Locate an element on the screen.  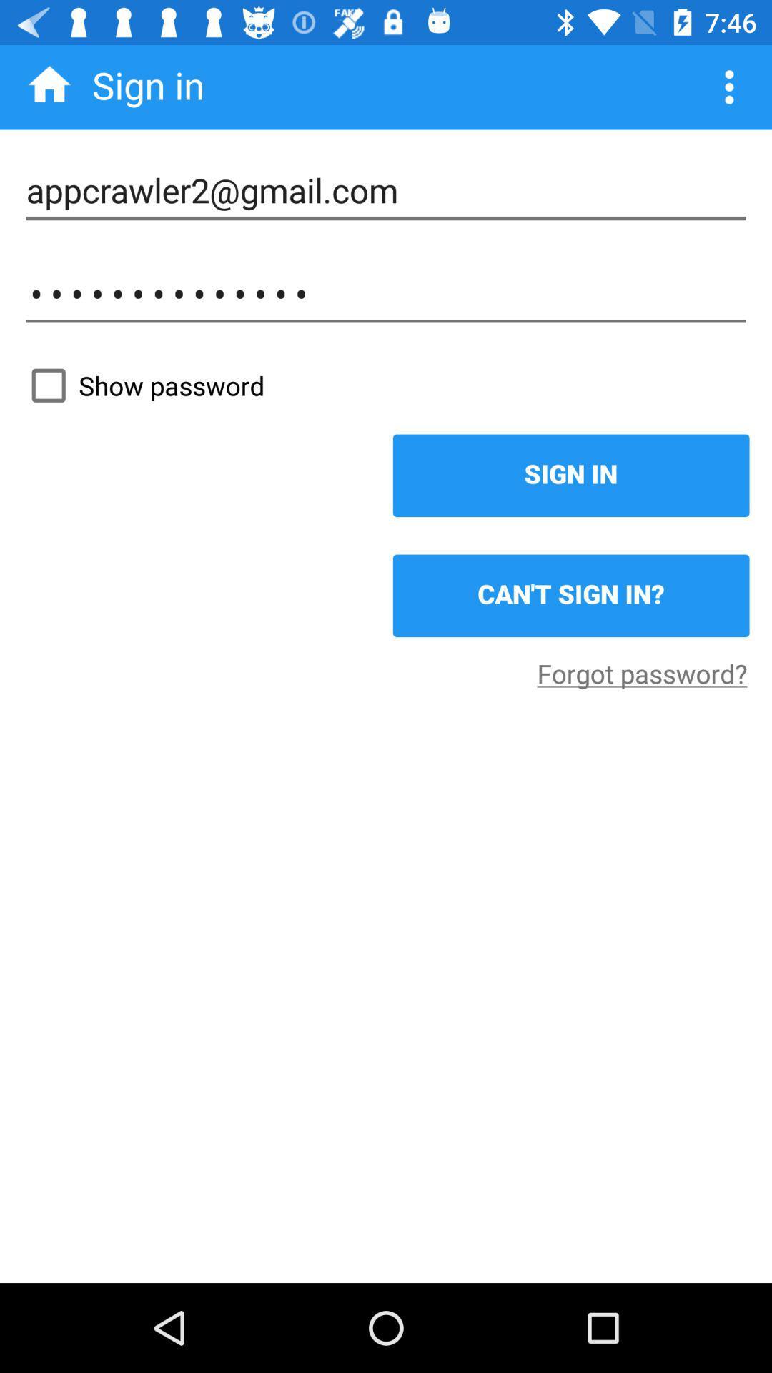
the item above sign in is located at coordinates (386, 385).